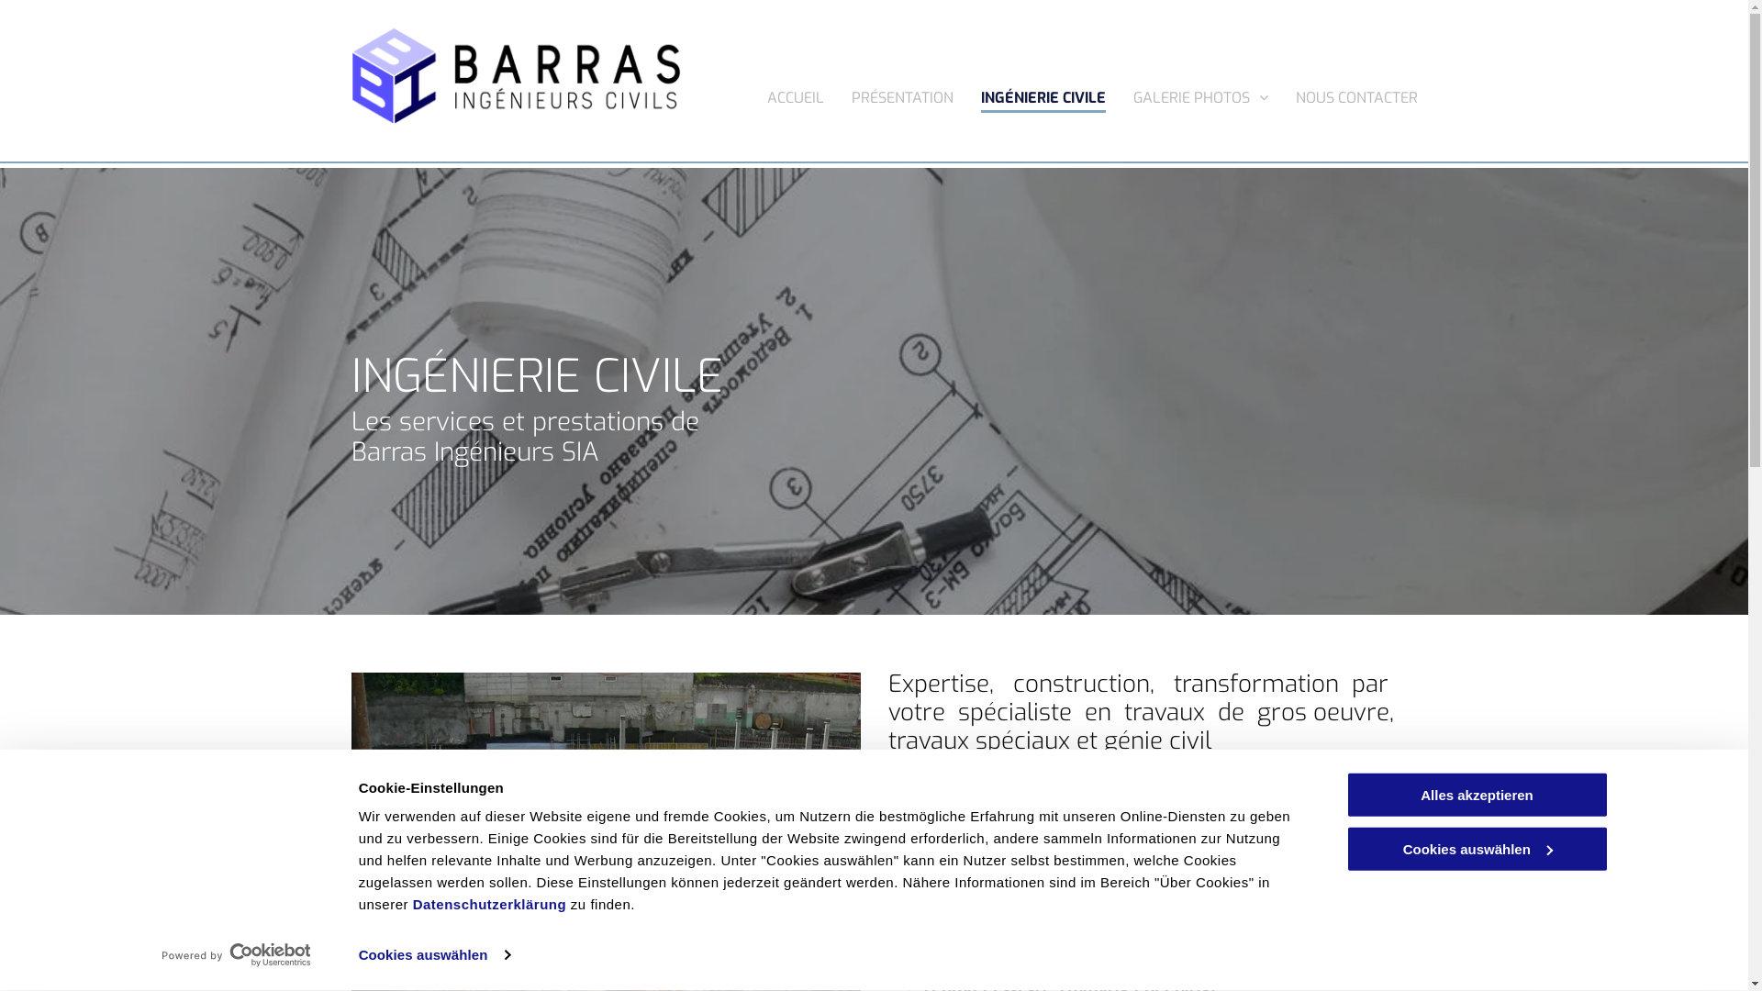  Describe the element at coordinates (796, 93) in the screenshot. I see `'ACCUEIL'` at that location.